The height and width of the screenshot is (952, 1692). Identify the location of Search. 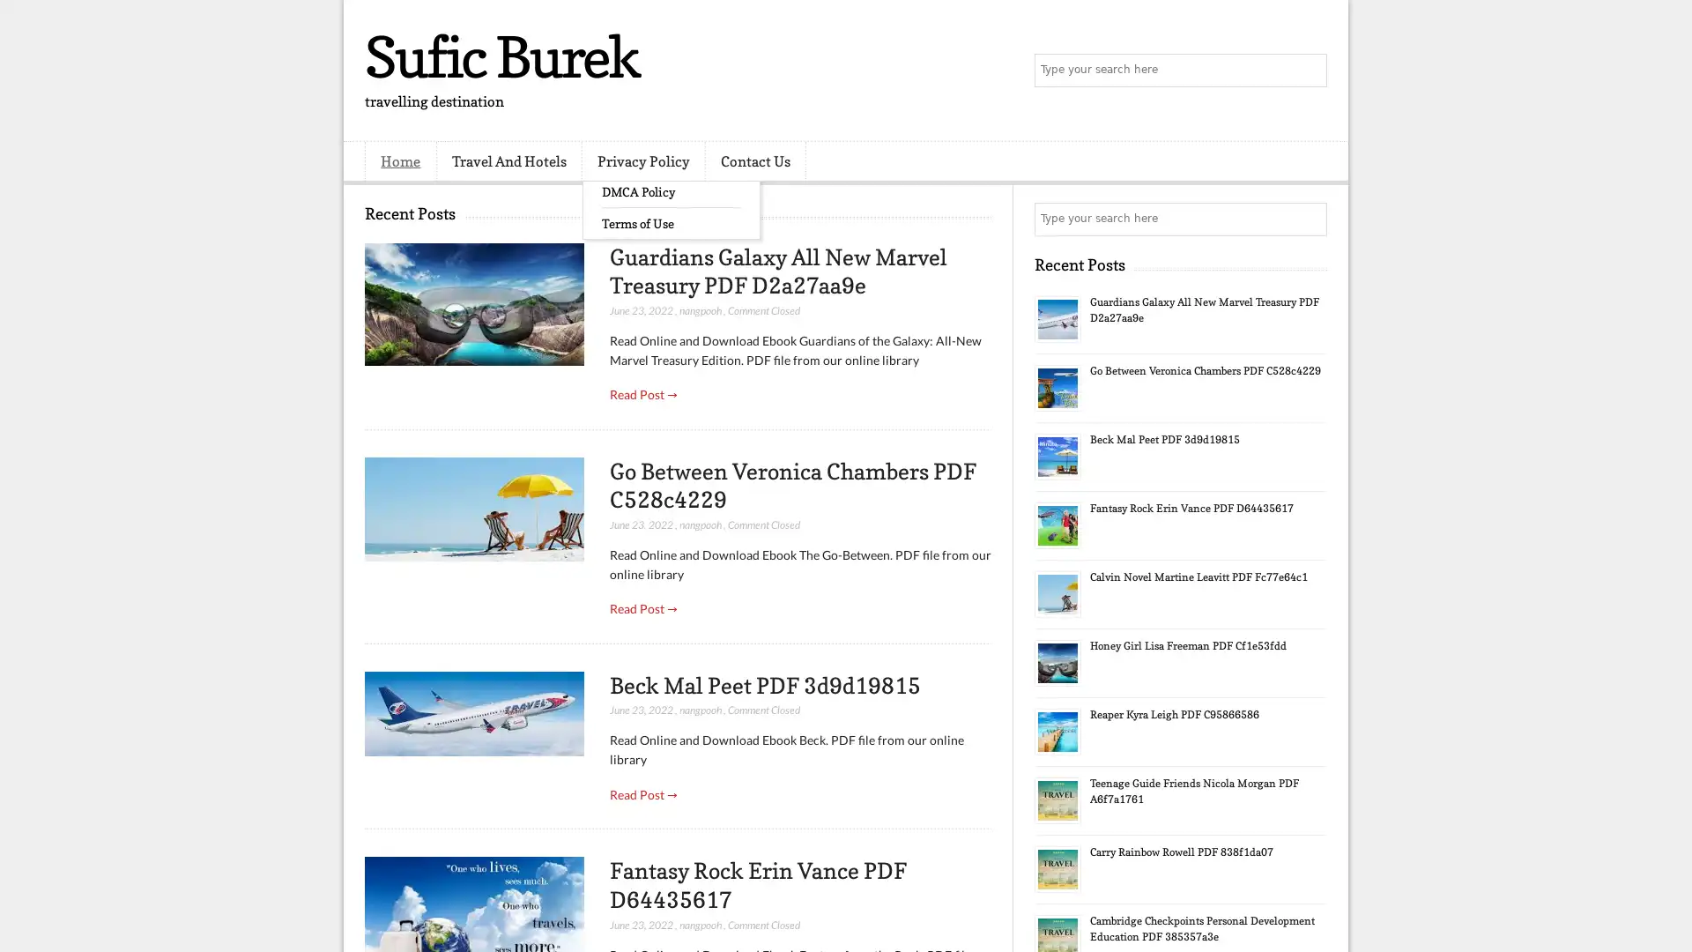
(1309, 71).